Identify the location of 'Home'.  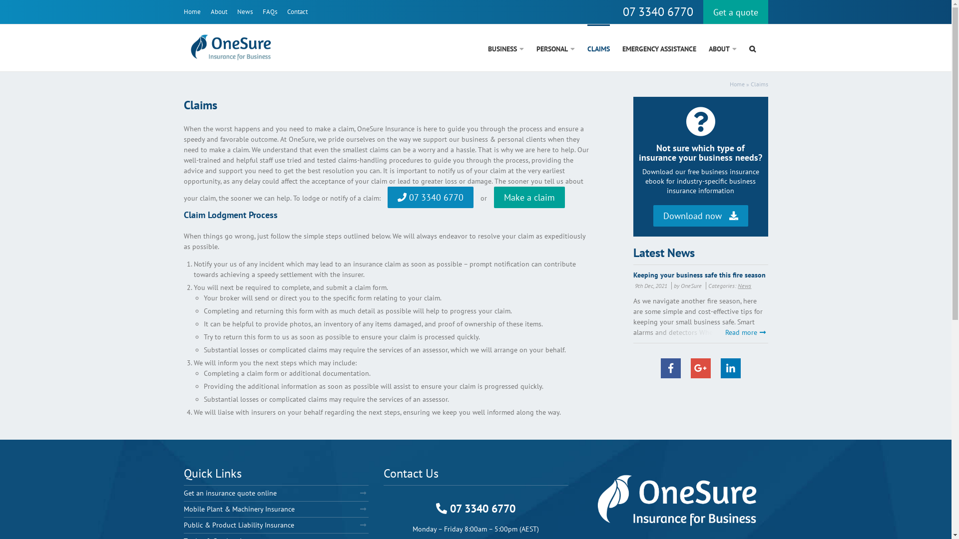
(192, 11).